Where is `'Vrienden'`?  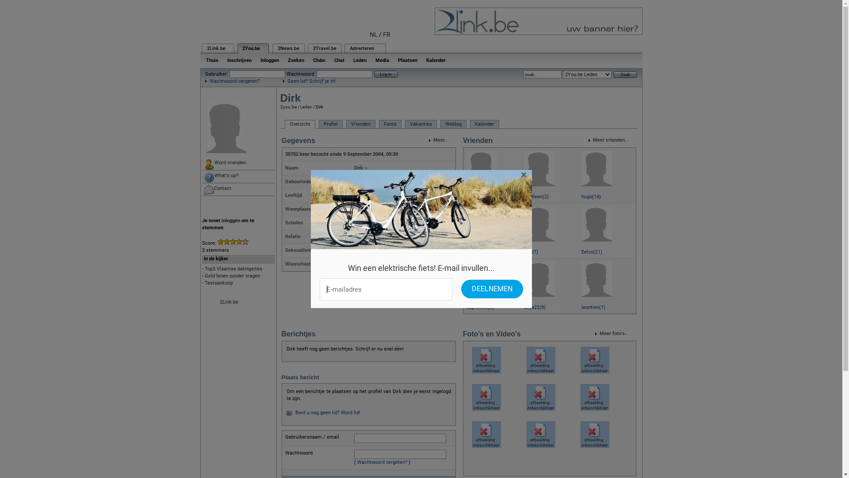
'Vrienden' is located at coordinates (360, 124).